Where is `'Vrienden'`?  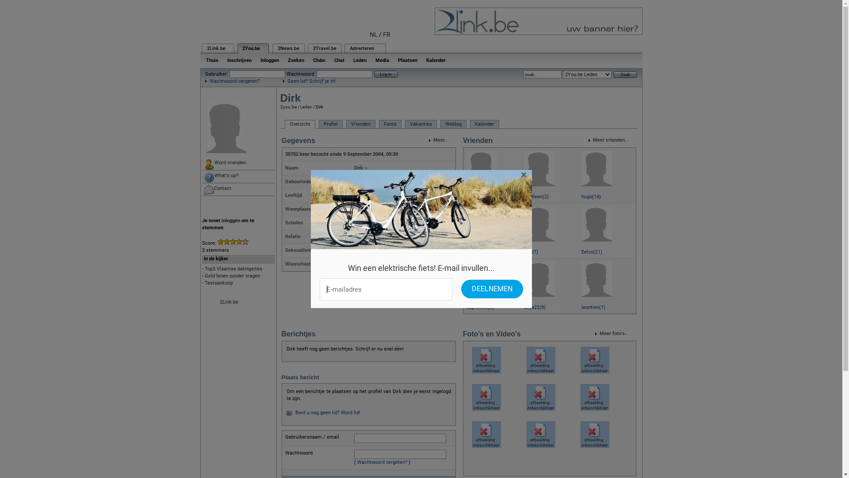
'Vrienden' is located at coordinates (360, 124).